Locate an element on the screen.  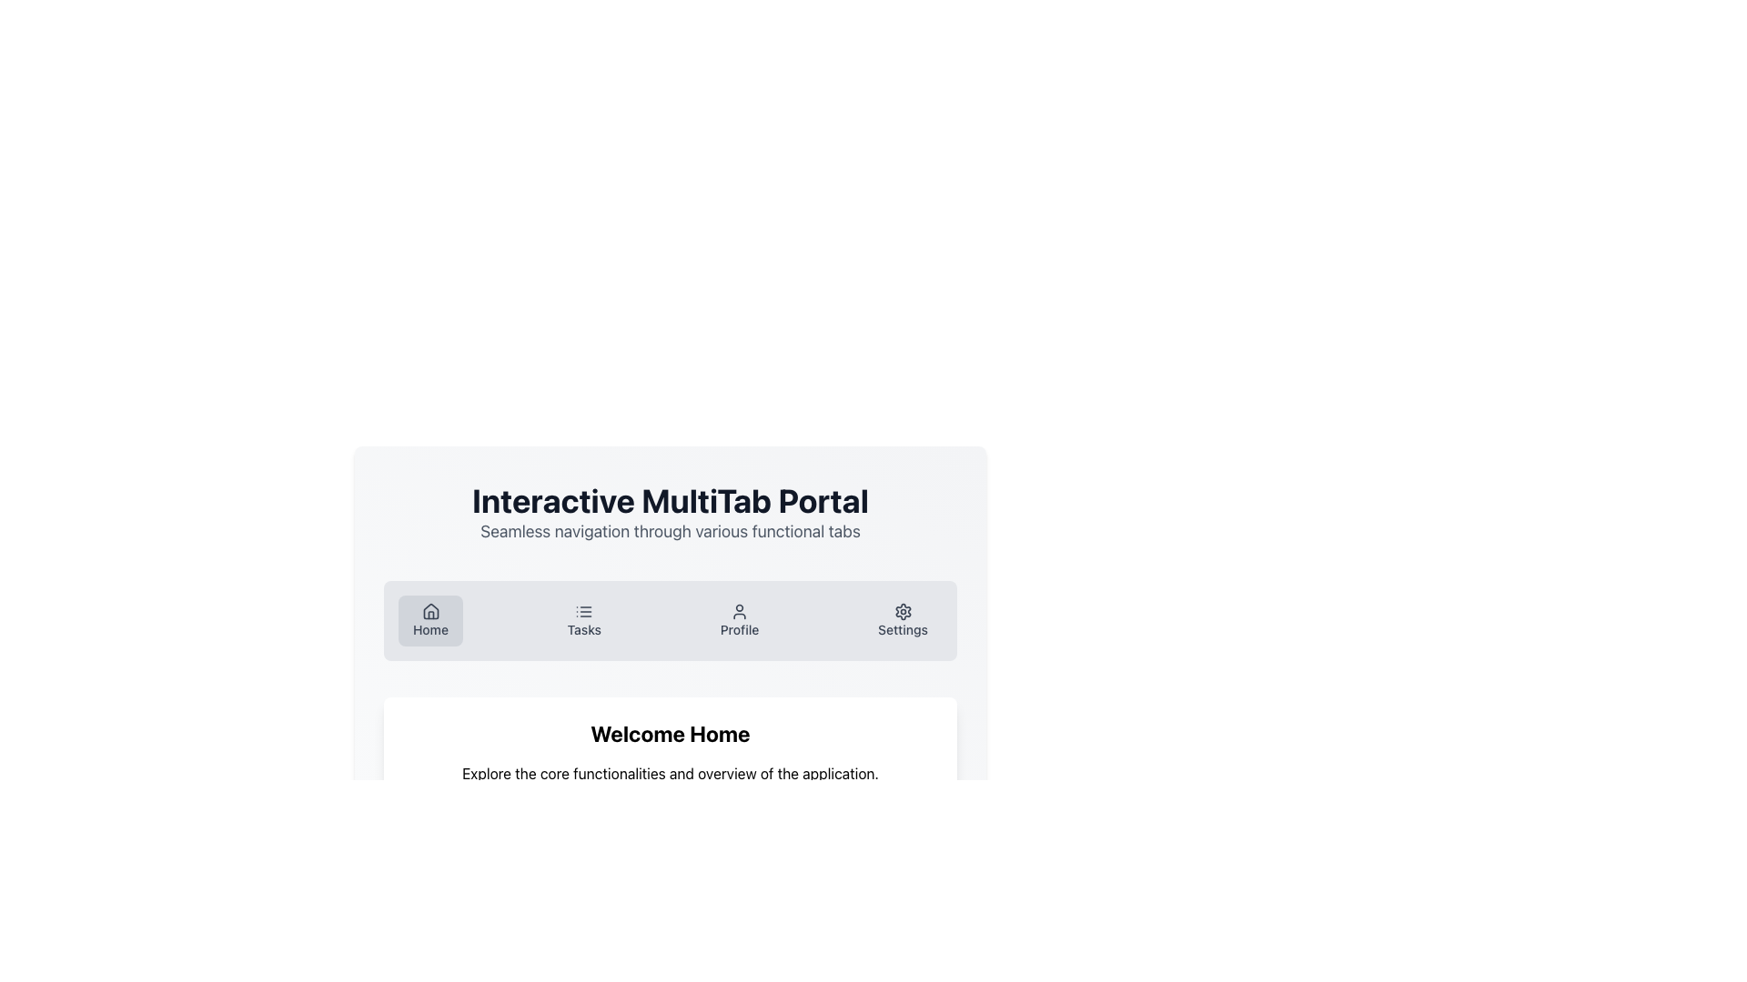
the settings icon (gear symbol) located within the button labeled 'Settings' on the horizontal menu strip is located at coordinates (903, 611).